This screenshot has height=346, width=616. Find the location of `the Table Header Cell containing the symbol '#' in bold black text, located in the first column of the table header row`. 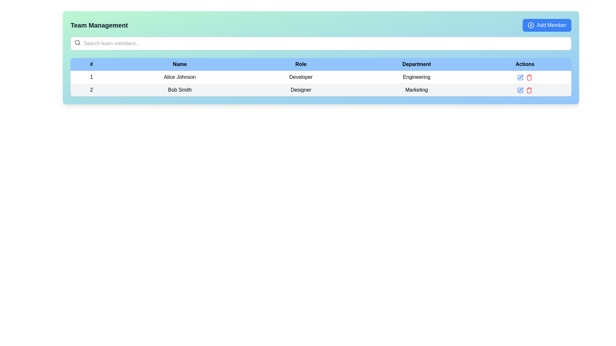

the Table Header Cell containing the symbol '#' in bold black text, located in the first column of the table header row is located at coordinates (91, 64).